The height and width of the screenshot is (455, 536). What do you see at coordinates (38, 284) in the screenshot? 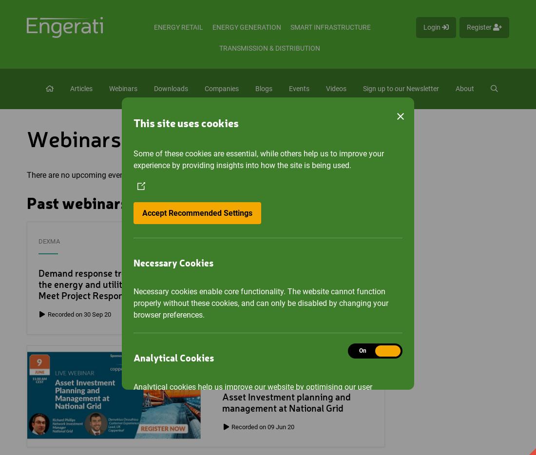
I see `'Demand response trends powering the energy and utilities industry: Meet Project Respond'` at bounding box center [38, 284].